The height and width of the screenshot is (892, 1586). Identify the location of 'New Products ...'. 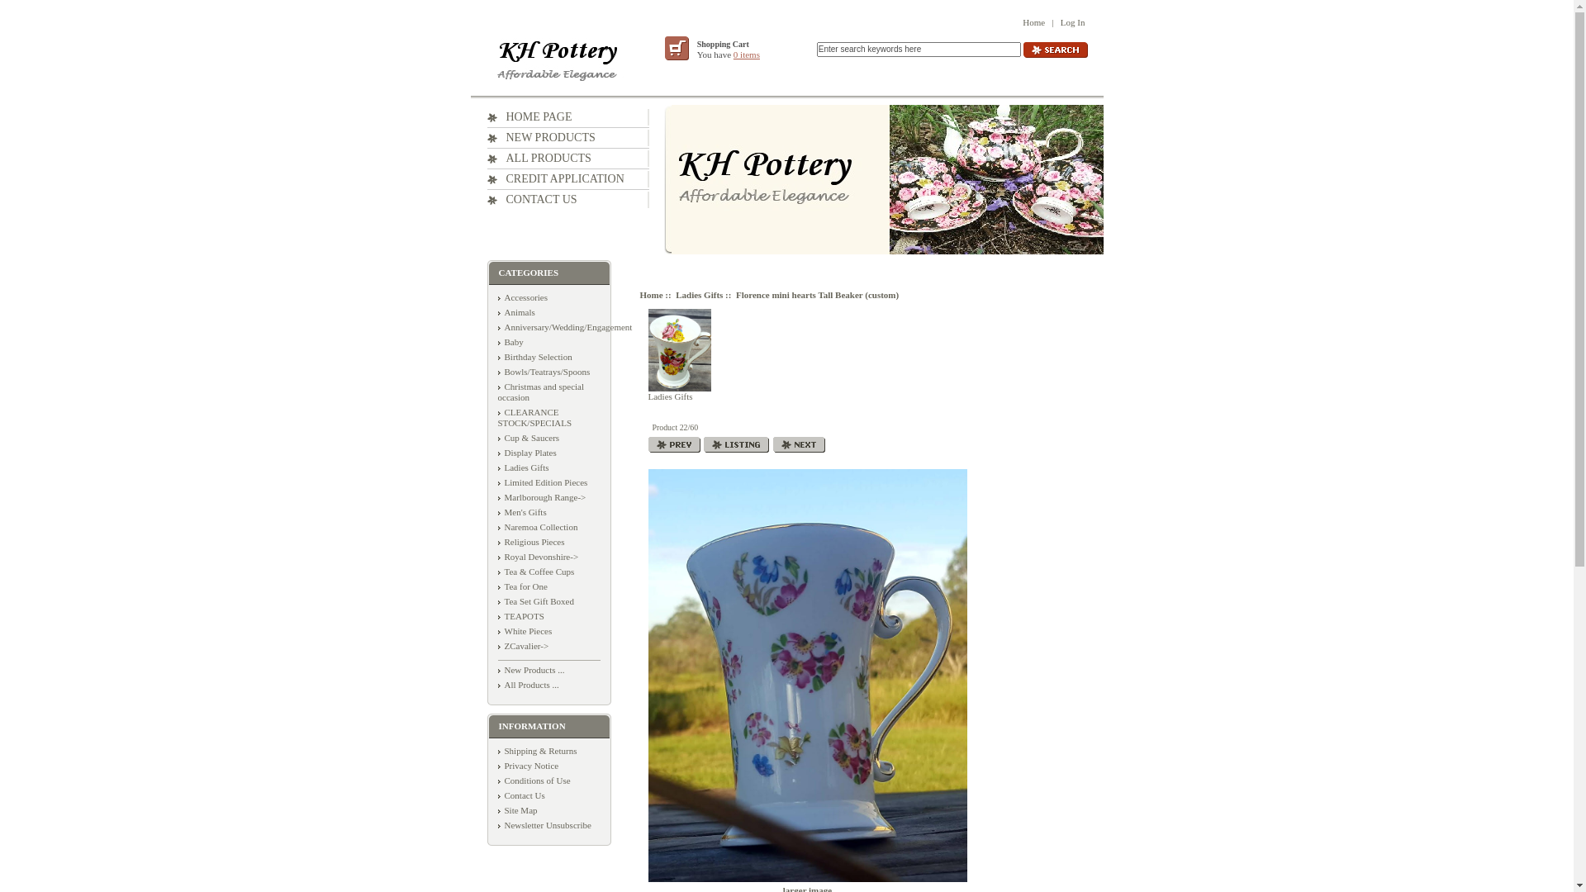
(530, 669).